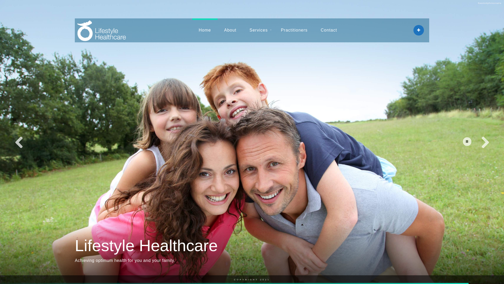 The image size is (504, 284). I want to click on 'Services', so click(259, 30).